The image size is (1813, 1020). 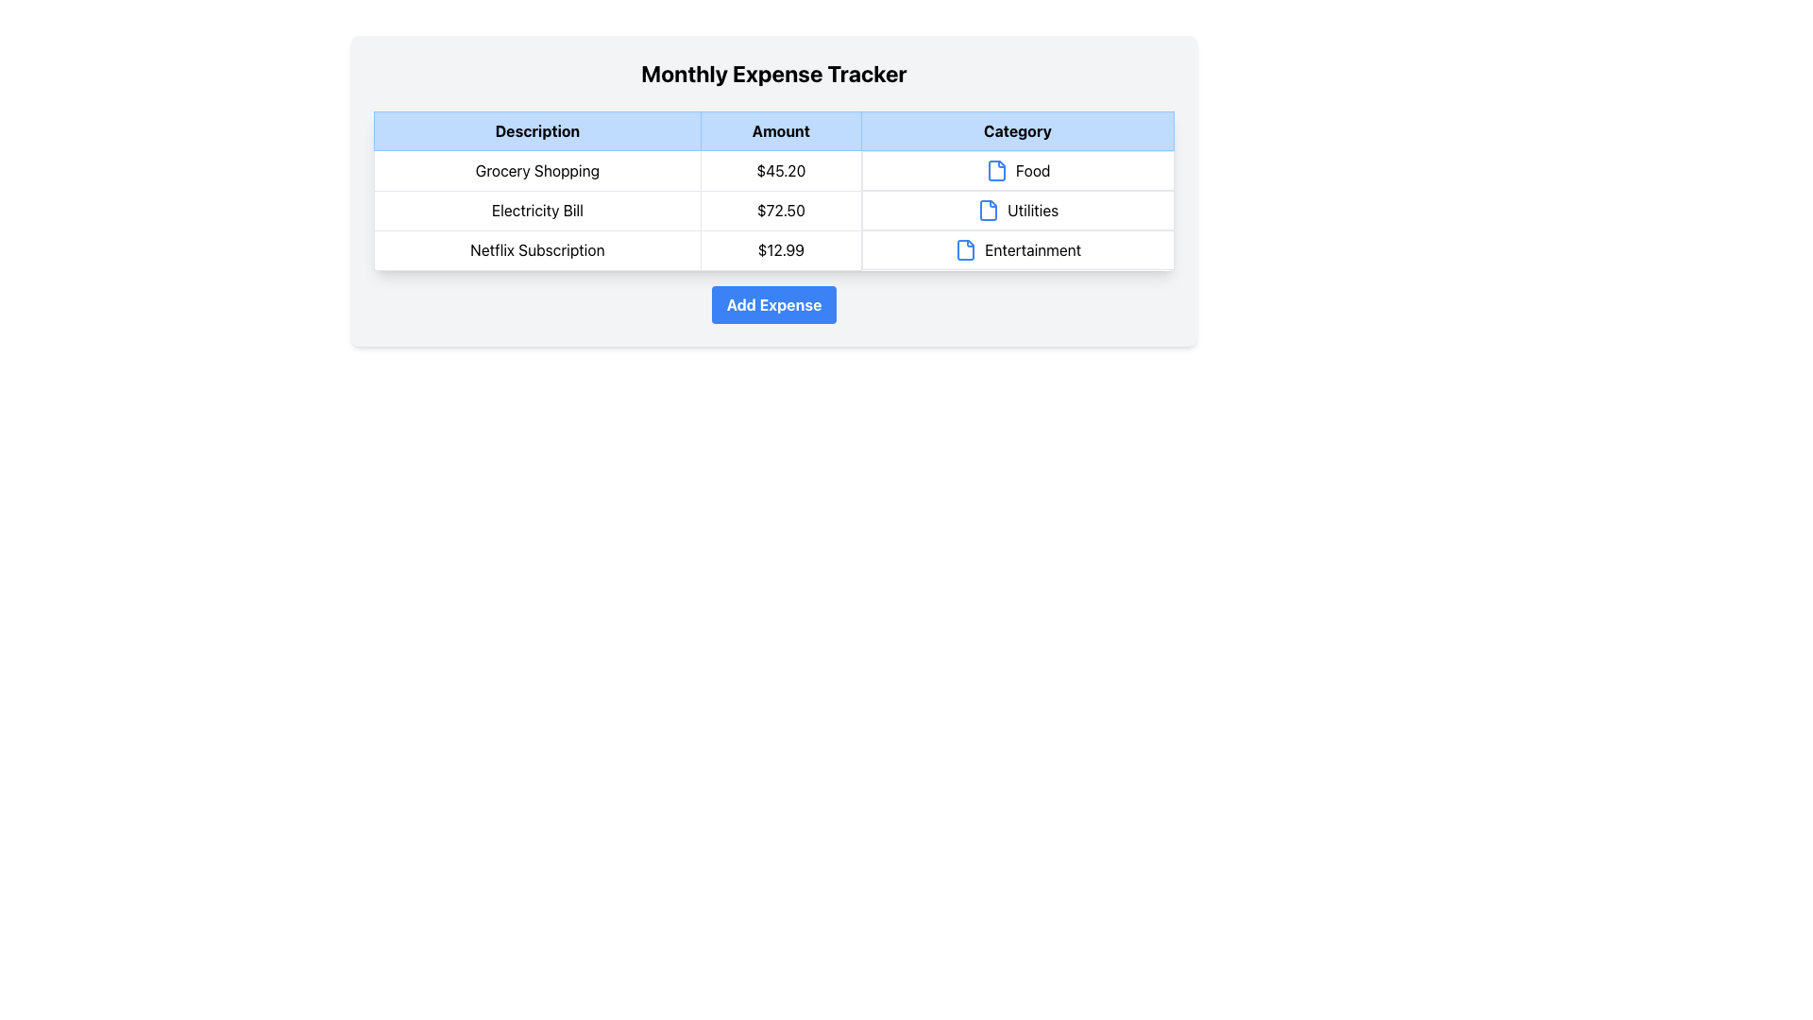 What do you see at coordinates (536, 129) in the screenshot?
I see `the first column header of the table, which indicates the purpose of the corresponding column, positioned leftmost before 'Amount' and 'Category'` at bounding box center [536, 129].